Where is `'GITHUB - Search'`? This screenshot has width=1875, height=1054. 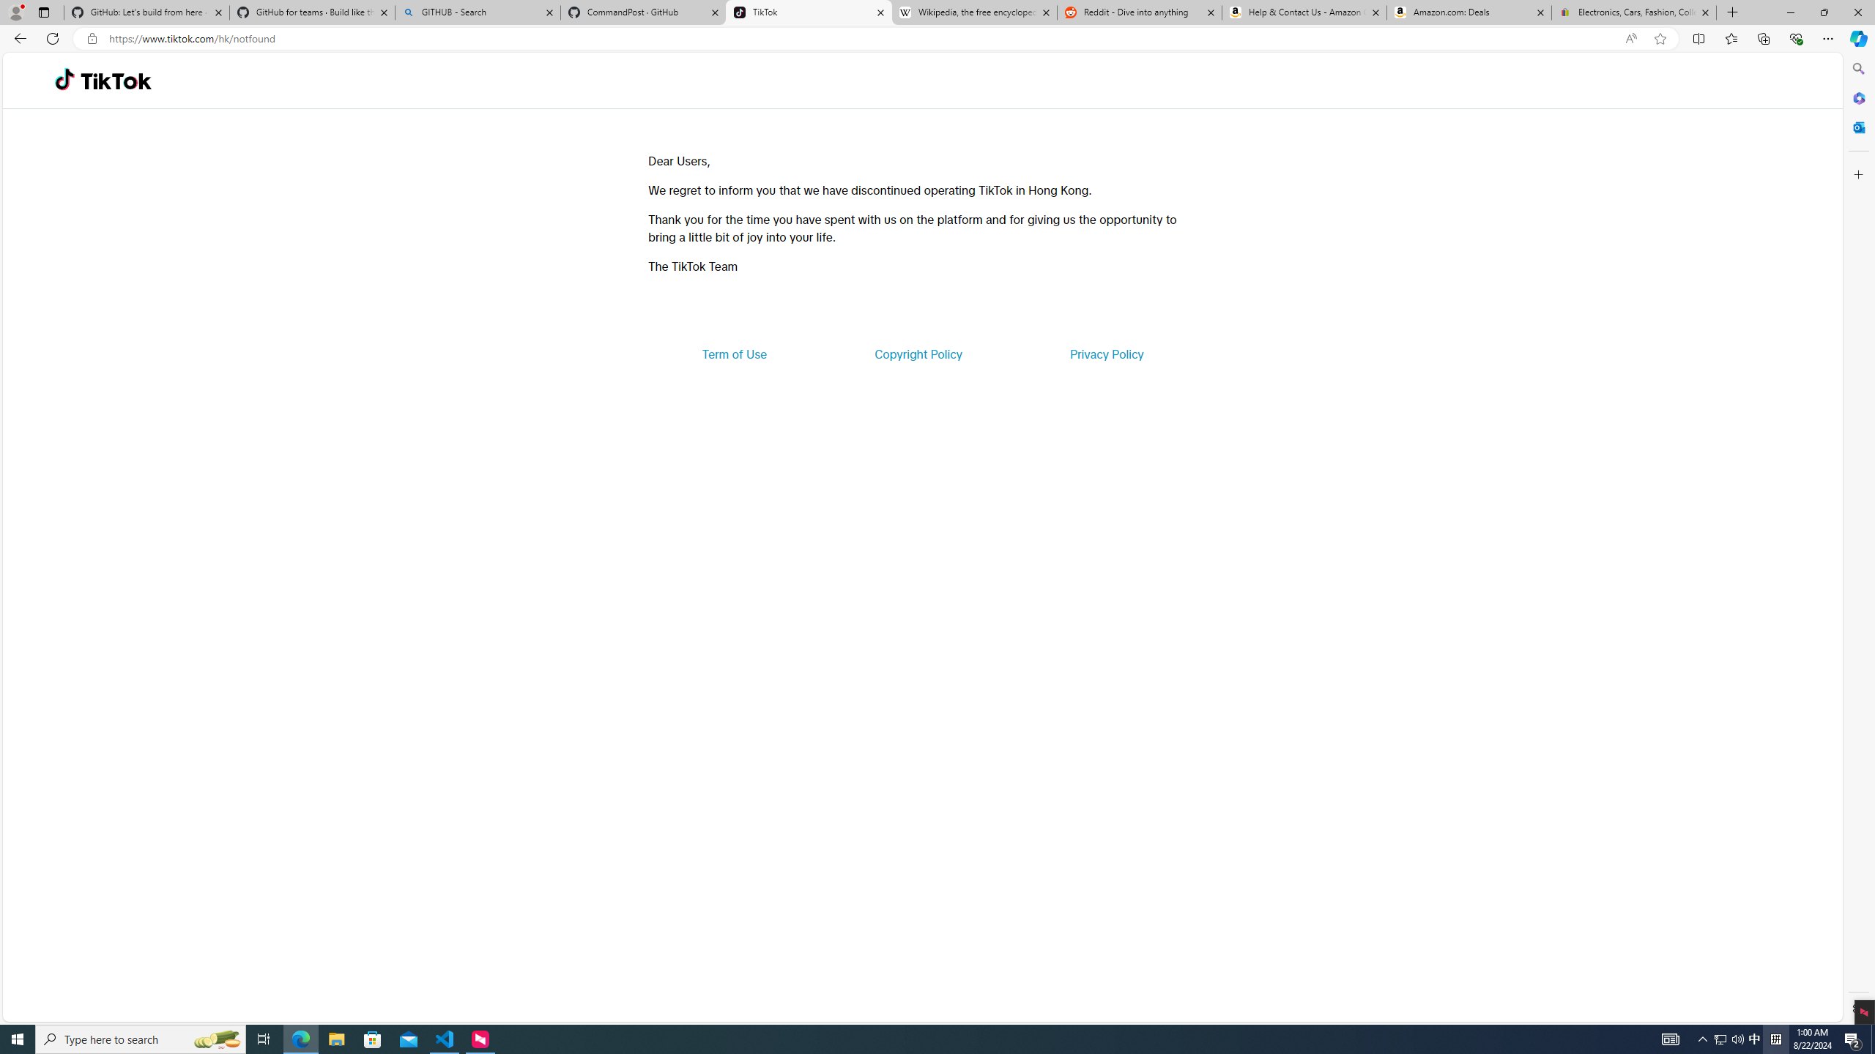
'GITHUB - Search' is located at coordinates (477, 12).